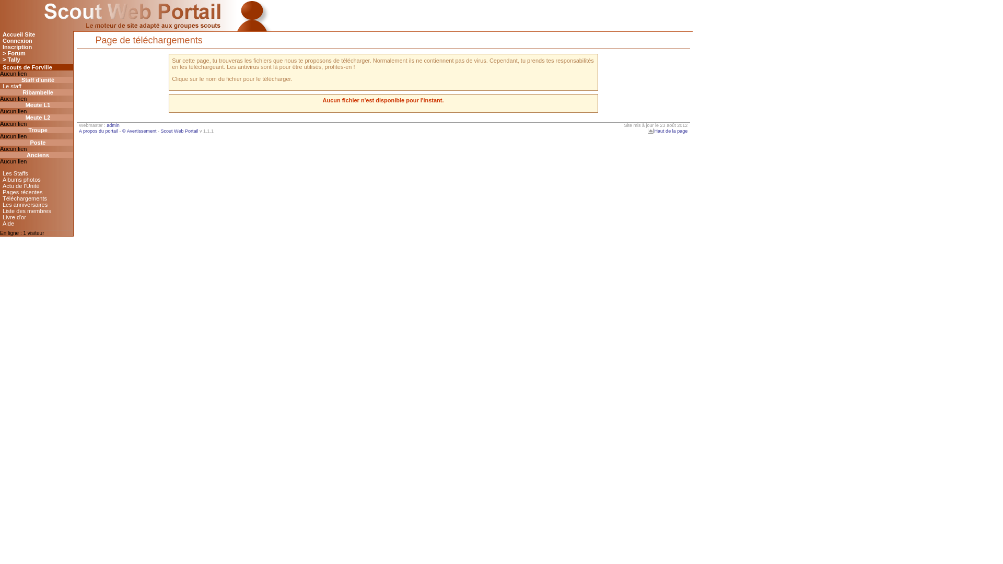 The image size is (1003, 564). Describe the element at coordinates (160, 130) in the screenshot. I see `'Scout Web Portail'` at that location.